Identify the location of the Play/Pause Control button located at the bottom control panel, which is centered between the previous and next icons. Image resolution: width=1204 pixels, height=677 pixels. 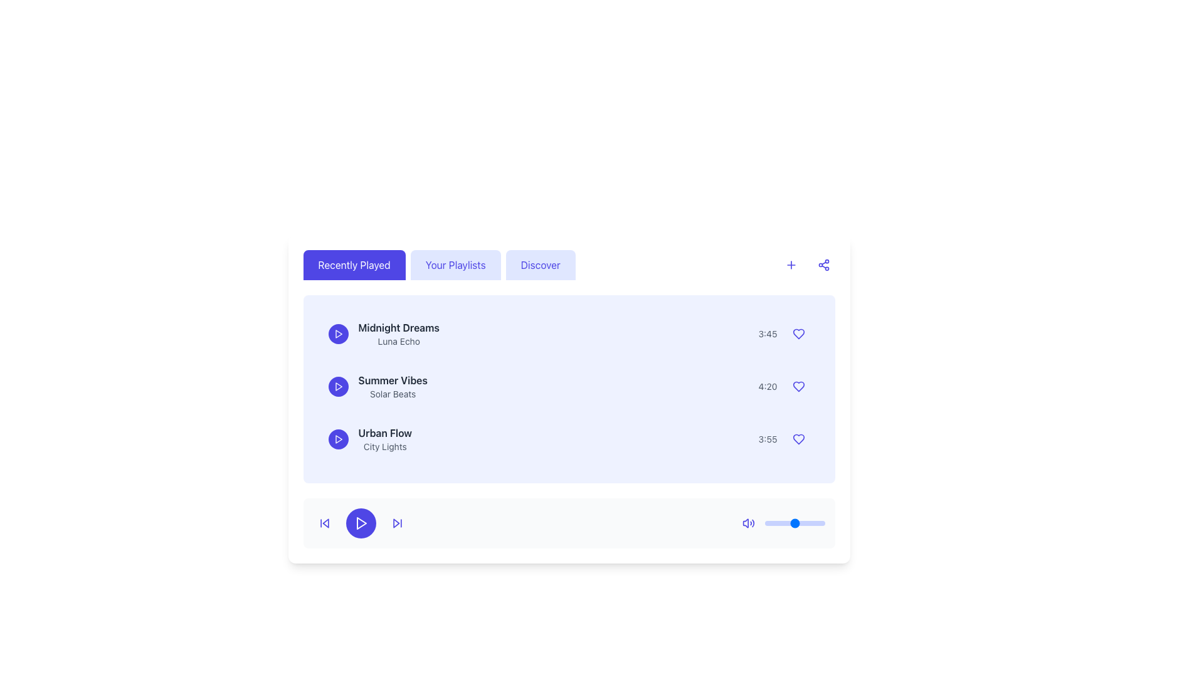
(360, 523).